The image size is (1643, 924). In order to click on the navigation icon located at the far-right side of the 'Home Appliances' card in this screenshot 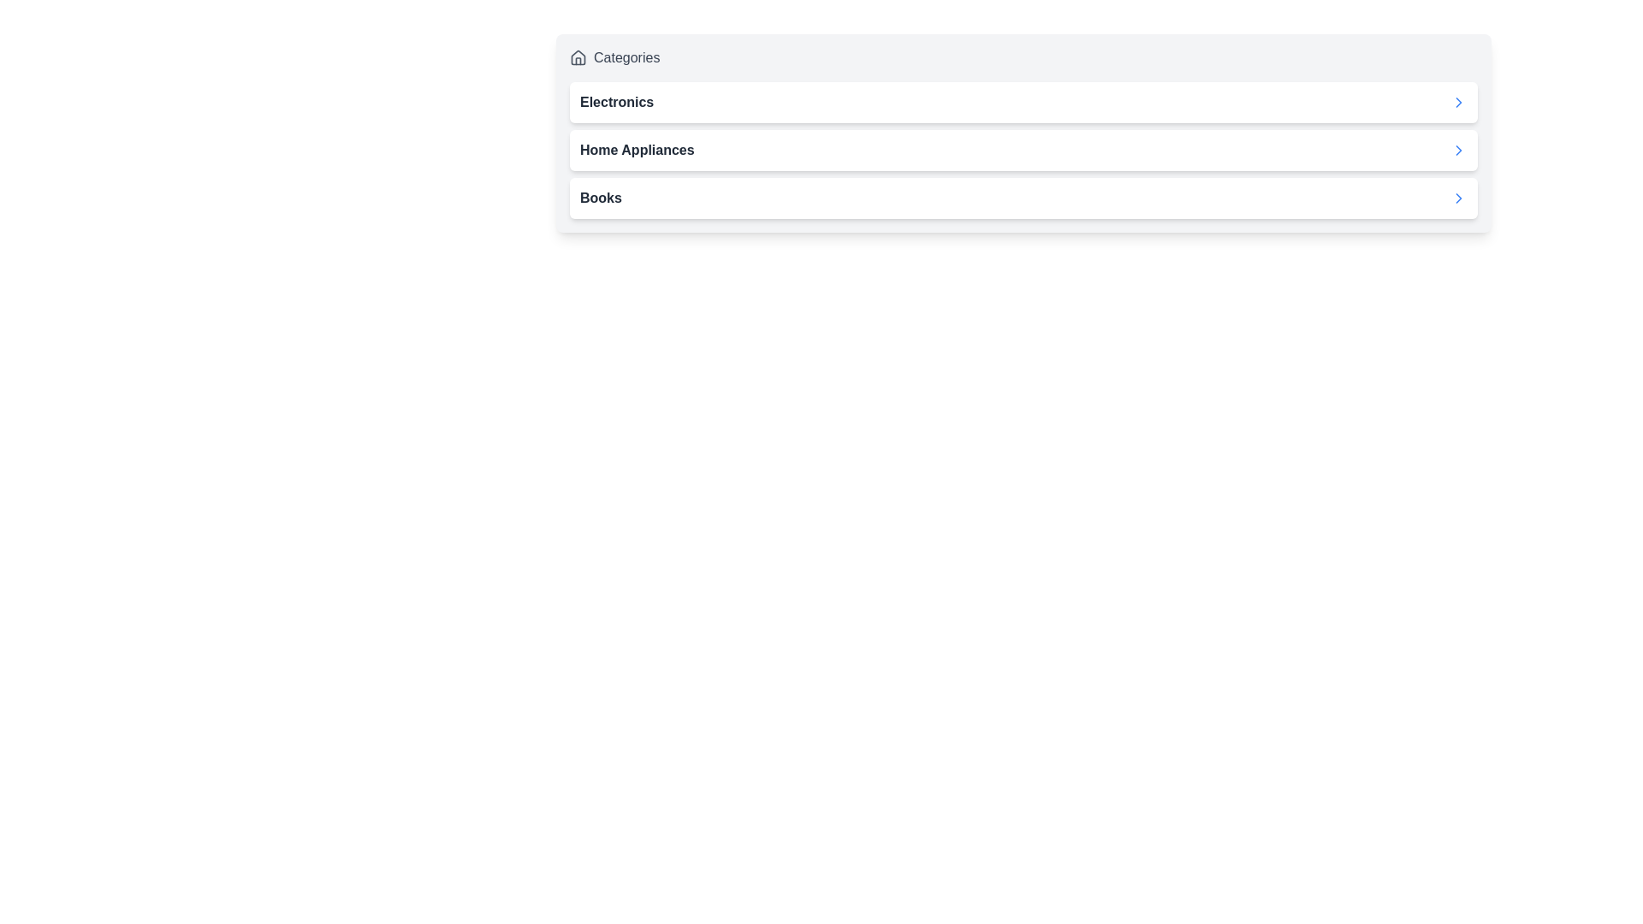, I will do `click(1457, 150)`.